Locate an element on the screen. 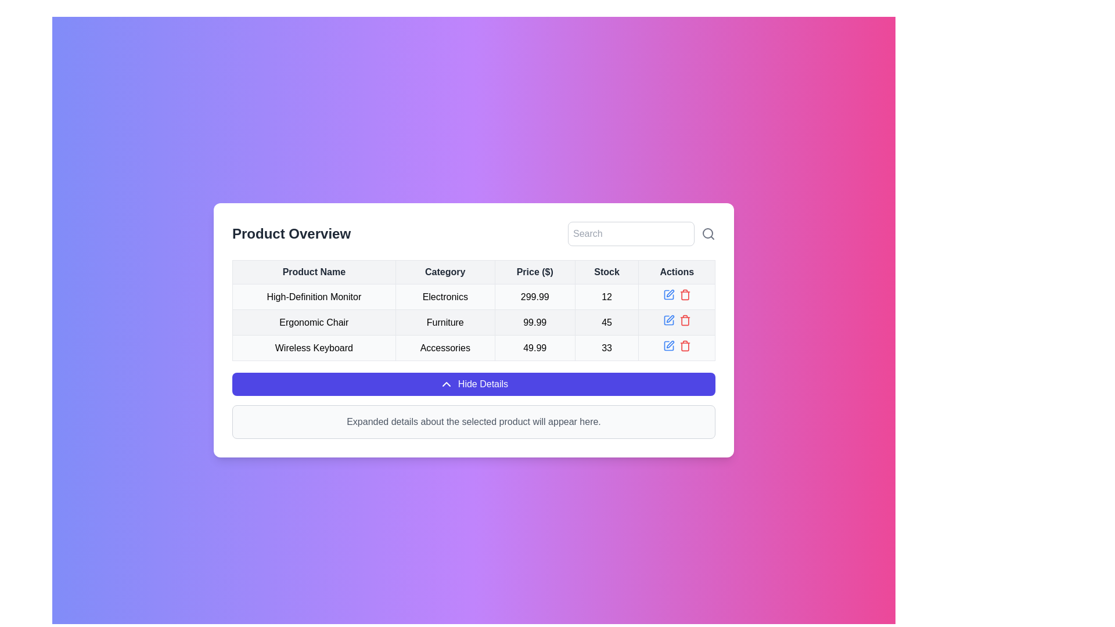 This screenshot has width=1115, height=627. value displayed in the Text label showing '49.99' in the 'Price' column under the 'Product Overview' section, which is positioned between the 'Accessories' cell and the '33' cell is located at coordinates (534, 347).